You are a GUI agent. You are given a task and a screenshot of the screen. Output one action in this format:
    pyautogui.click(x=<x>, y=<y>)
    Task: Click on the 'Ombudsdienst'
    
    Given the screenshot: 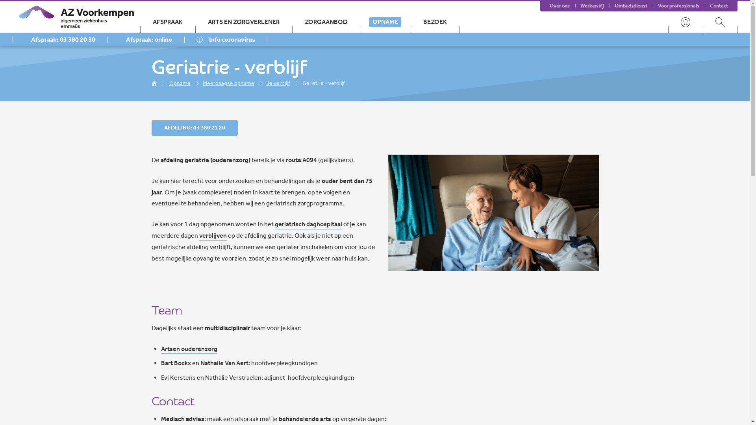 What is the action you would take?
    pyautogui.click(x=631, y=6)
    